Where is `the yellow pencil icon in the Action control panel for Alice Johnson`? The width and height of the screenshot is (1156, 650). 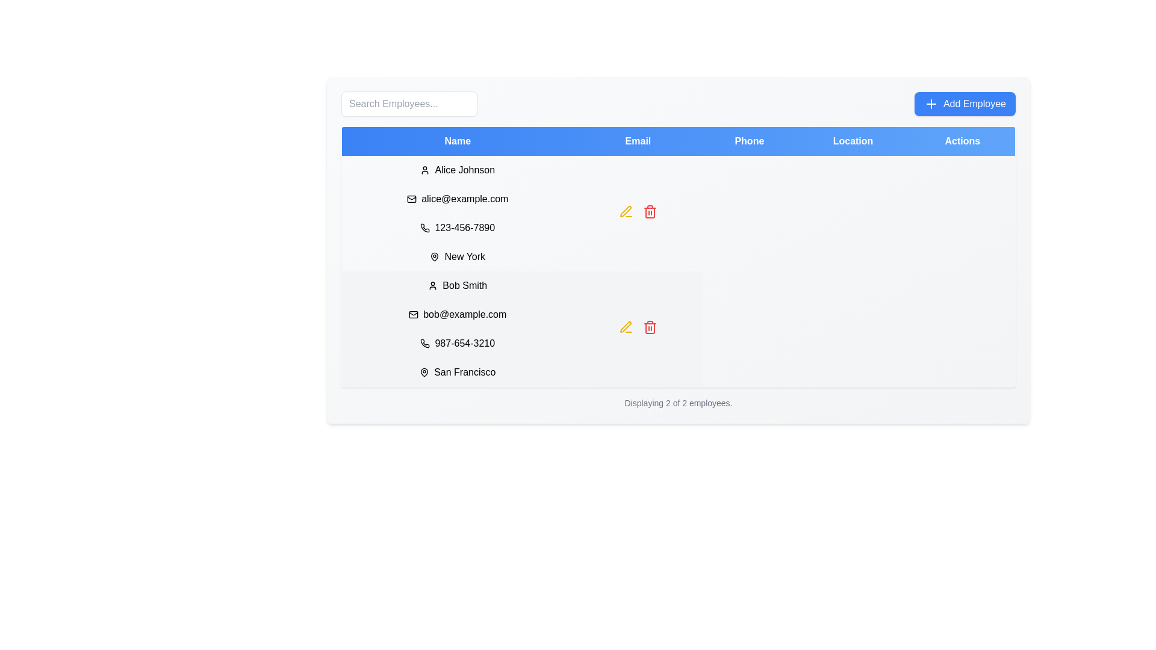
the yellow pencil icon in the Action control panel for Alice Johnson is located at coordinates (637, 212).